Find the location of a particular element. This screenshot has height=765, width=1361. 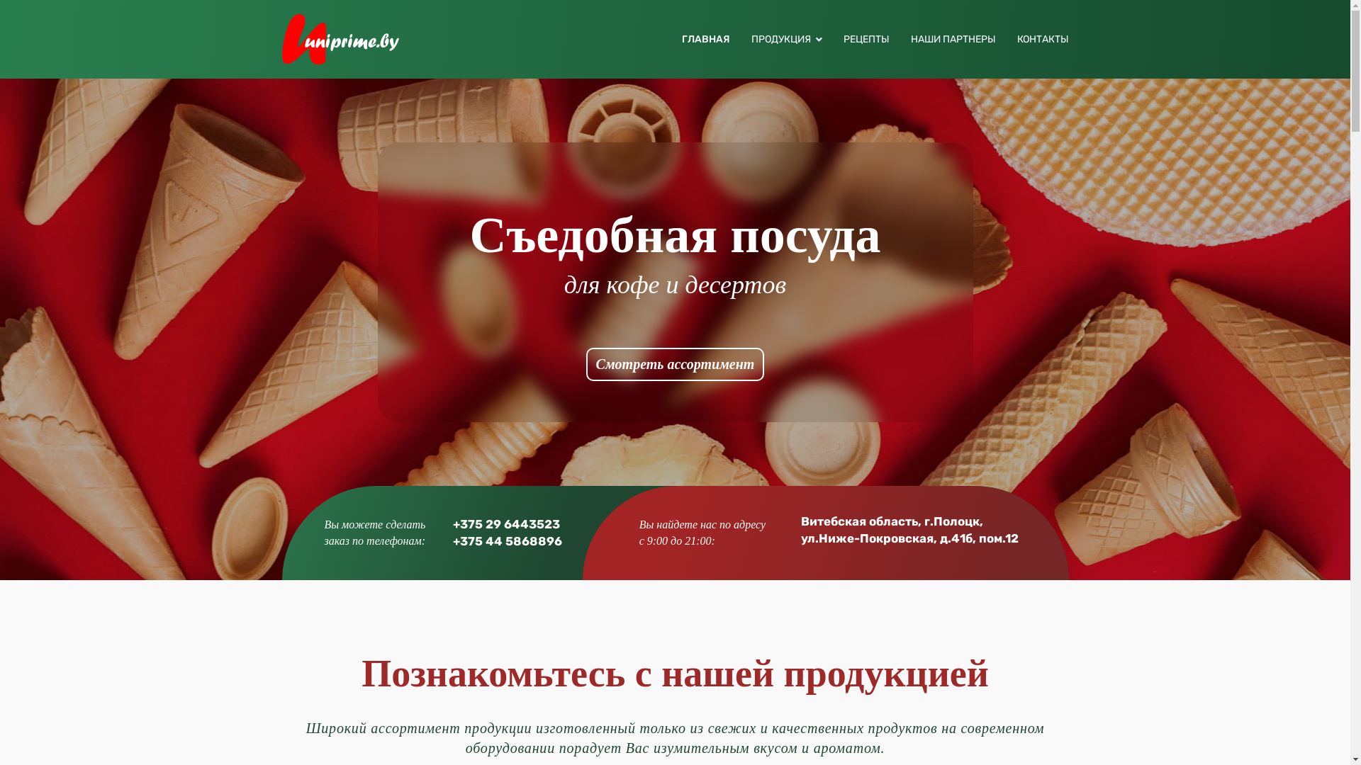

'+375 29 6443523' is located at coordinates (506, 524).